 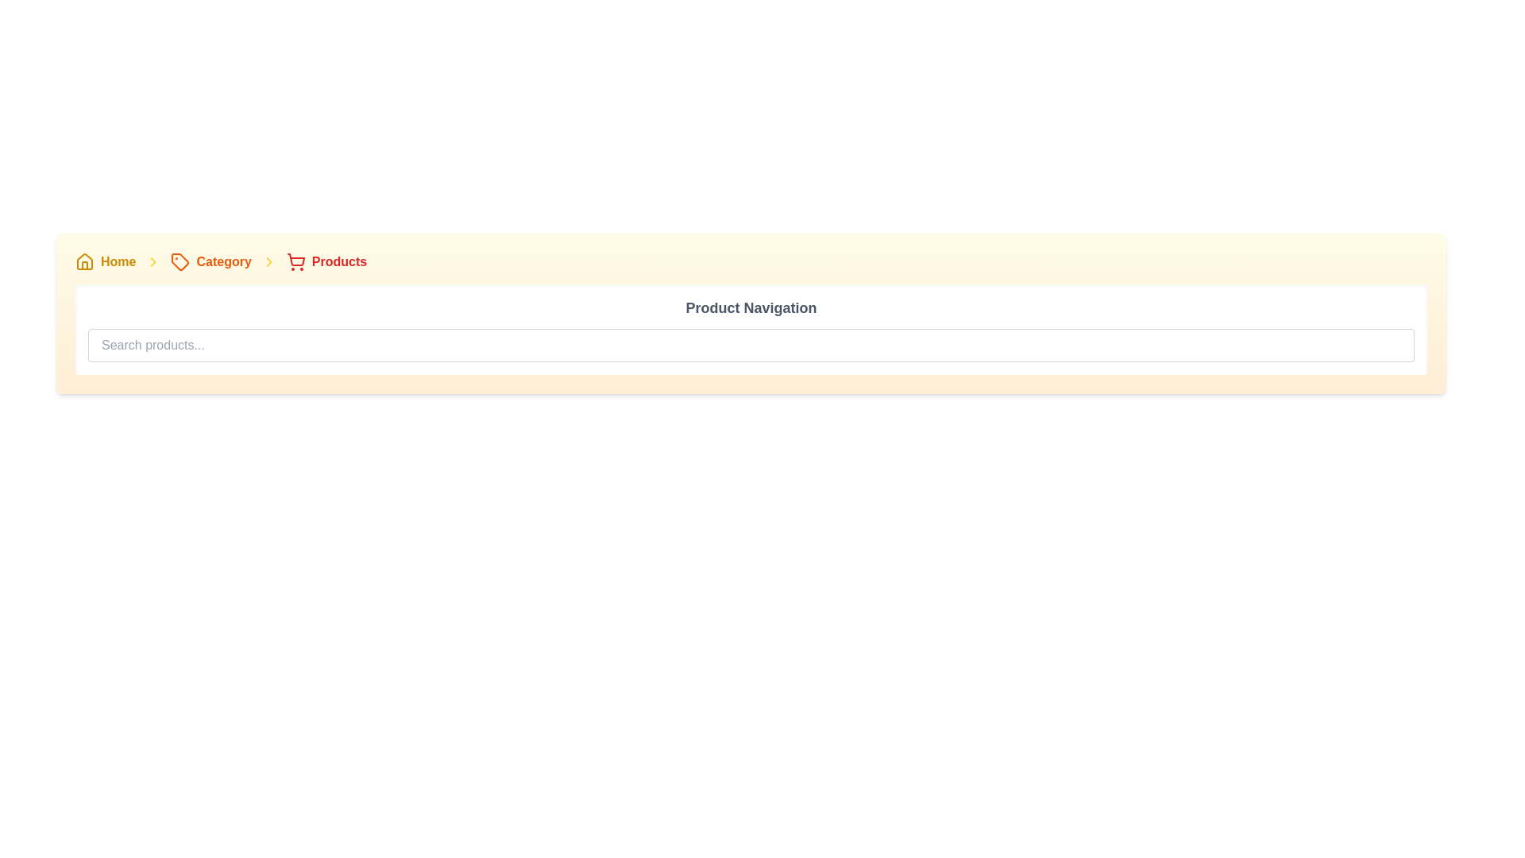 I want to click on the 'Category' text element with an orange font and a price tag icon in the breadcrumb navigation bar, positioned as the second item, to analyze its content, so click(x=210, y=261).